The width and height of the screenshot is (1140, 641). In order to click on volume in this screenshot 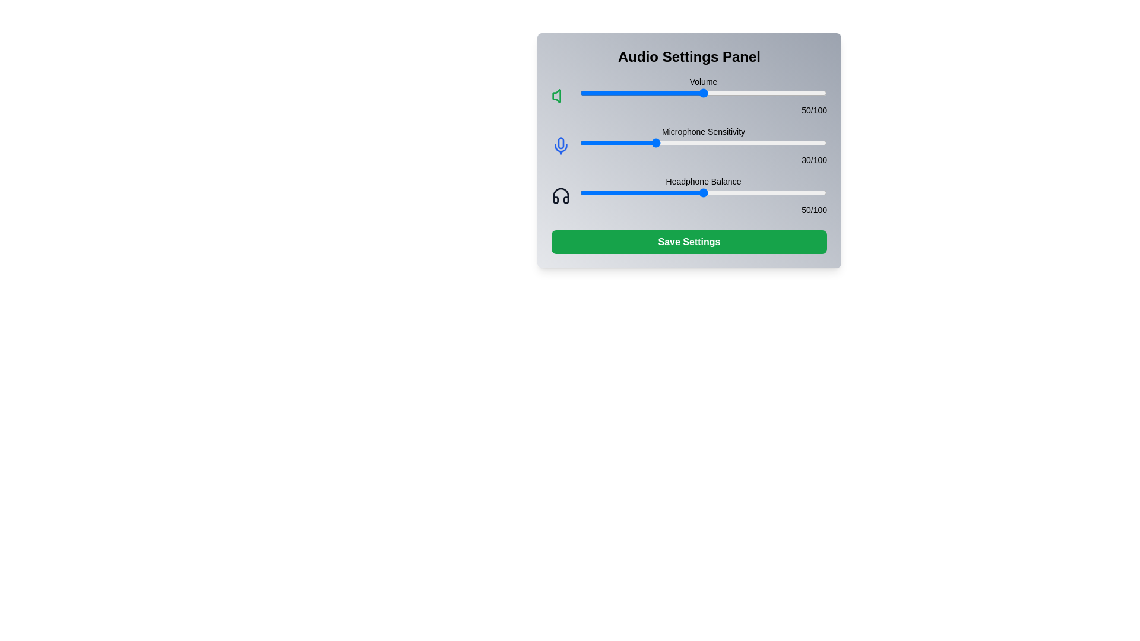, I will do `click(595, 93)`.